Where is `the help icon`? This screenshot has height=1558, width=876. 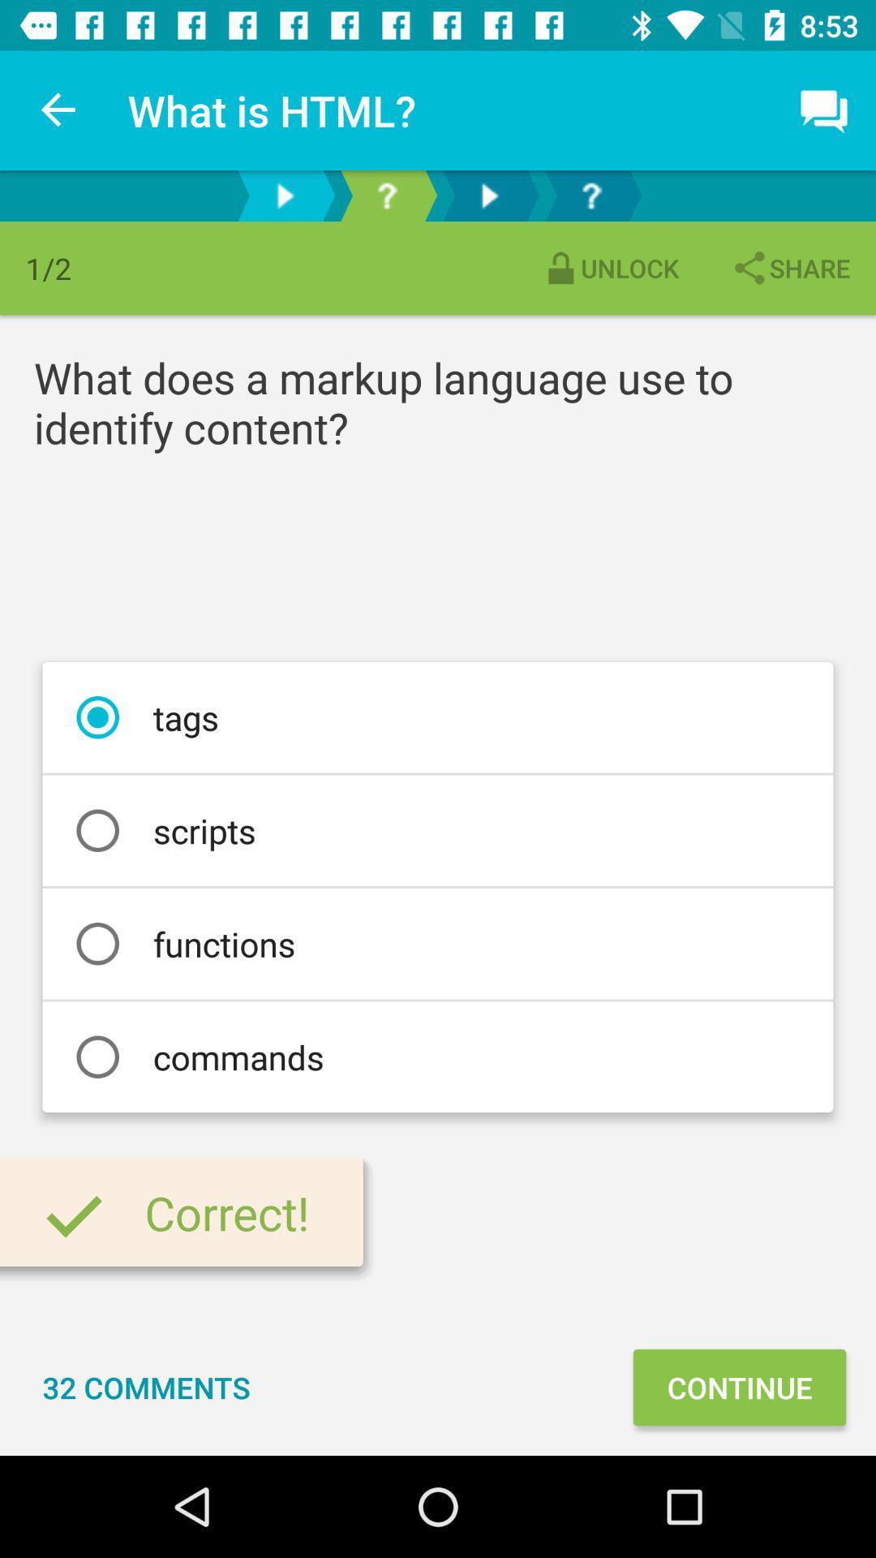 the help icon is located at coordinates (387, 195).